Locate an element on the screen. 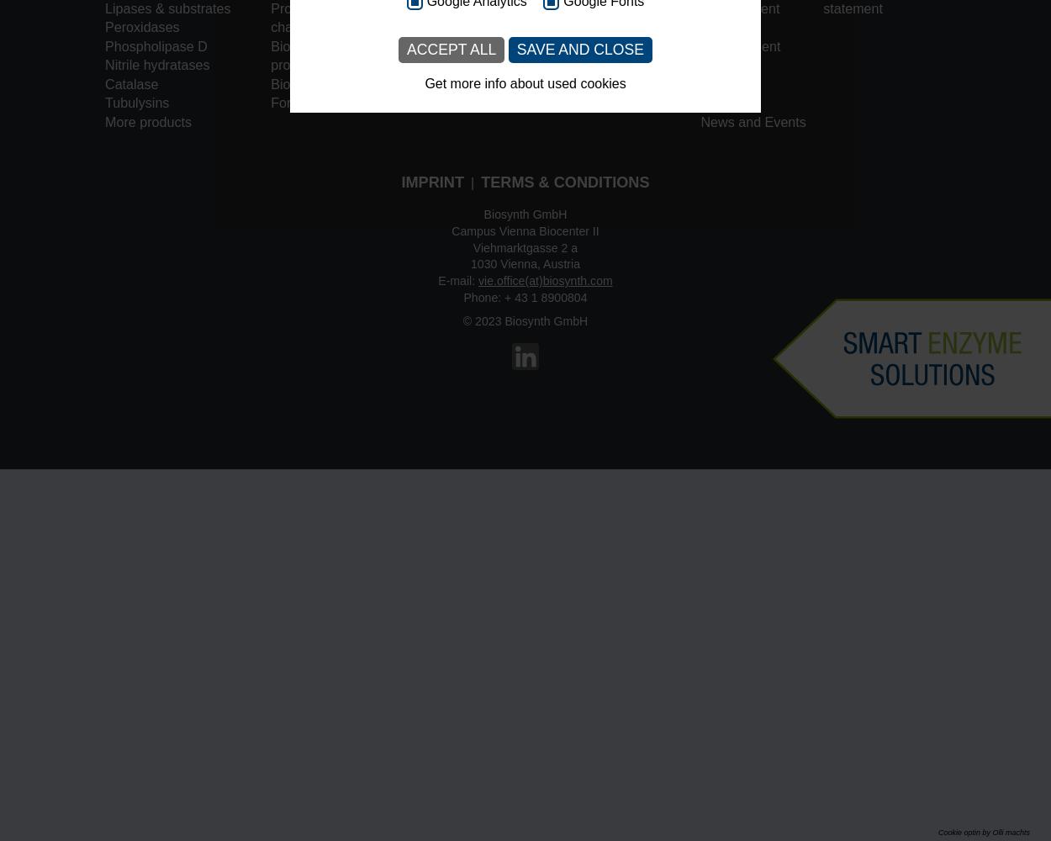  'Get more info about used cookies' is located at coordinates (524, 82).